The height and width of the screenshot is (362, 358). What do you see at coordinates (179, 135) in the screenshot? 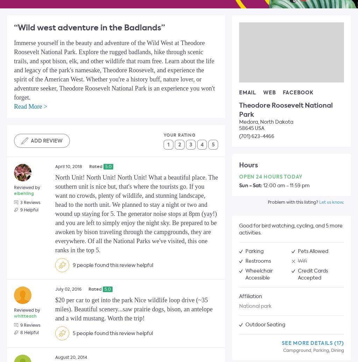
I see `'Your Rating'` at bounding box center [179, 135].